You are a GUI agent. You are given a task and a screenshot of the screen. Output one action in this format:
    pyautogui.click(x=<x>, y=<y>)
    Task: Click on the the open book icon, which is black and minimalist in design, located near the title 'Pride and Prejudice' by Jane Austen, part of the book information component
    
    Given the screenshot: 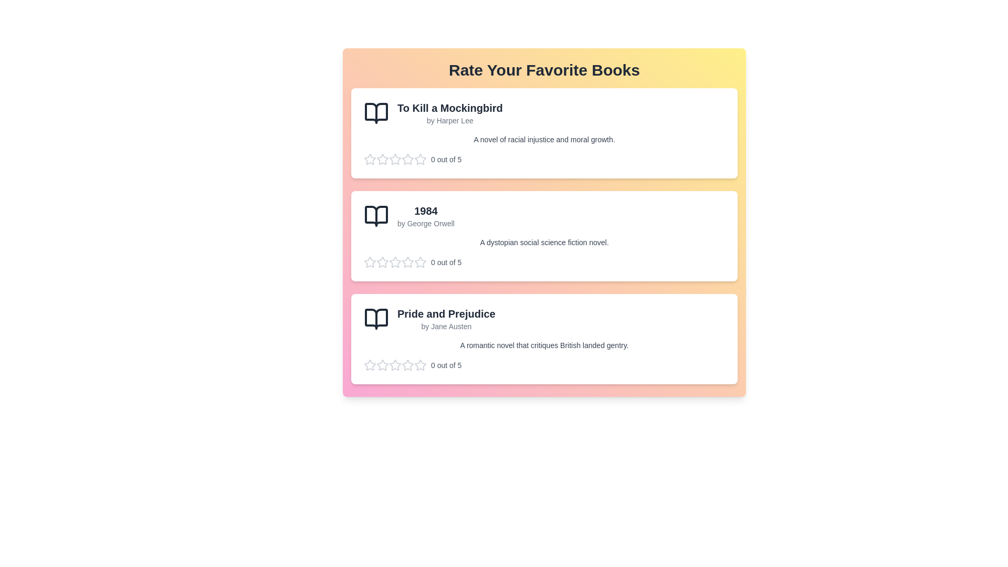 What is the action you would take?
    pyautogui.click(x=376, y=319)
    